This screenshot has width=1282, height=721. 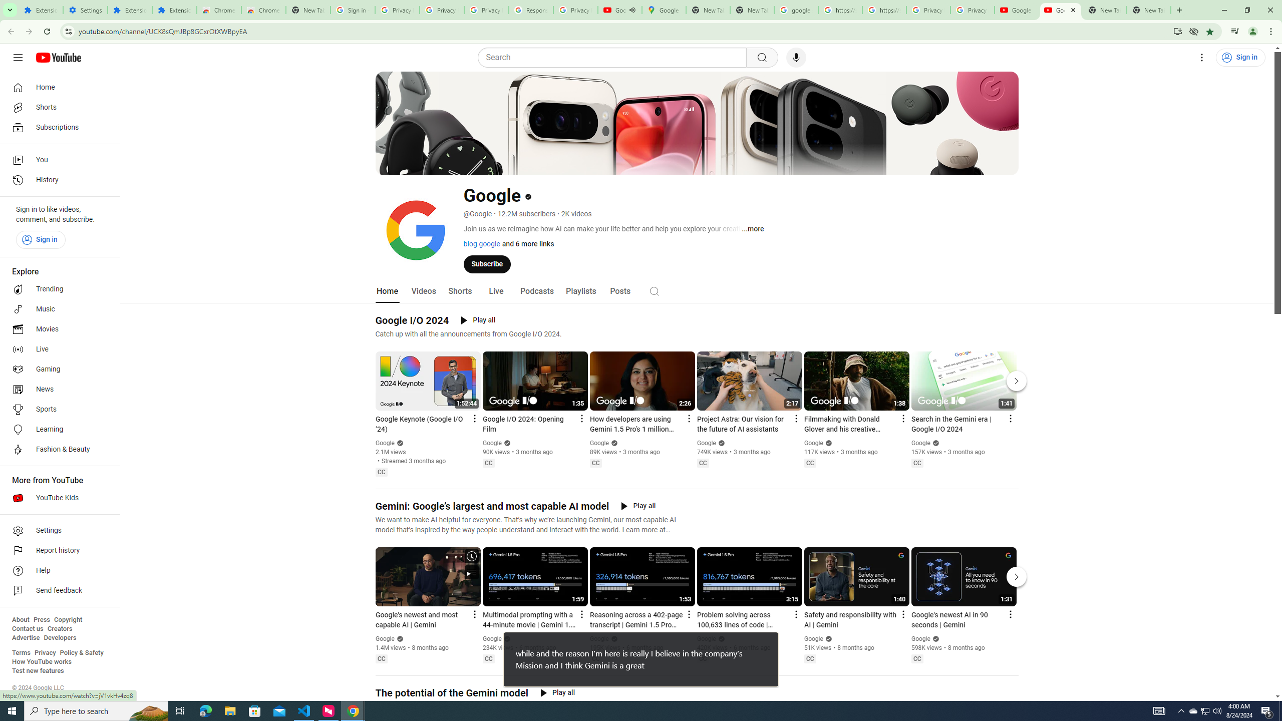 I want to click on 'Fashion & Beauty', so click(x=57, y=449).